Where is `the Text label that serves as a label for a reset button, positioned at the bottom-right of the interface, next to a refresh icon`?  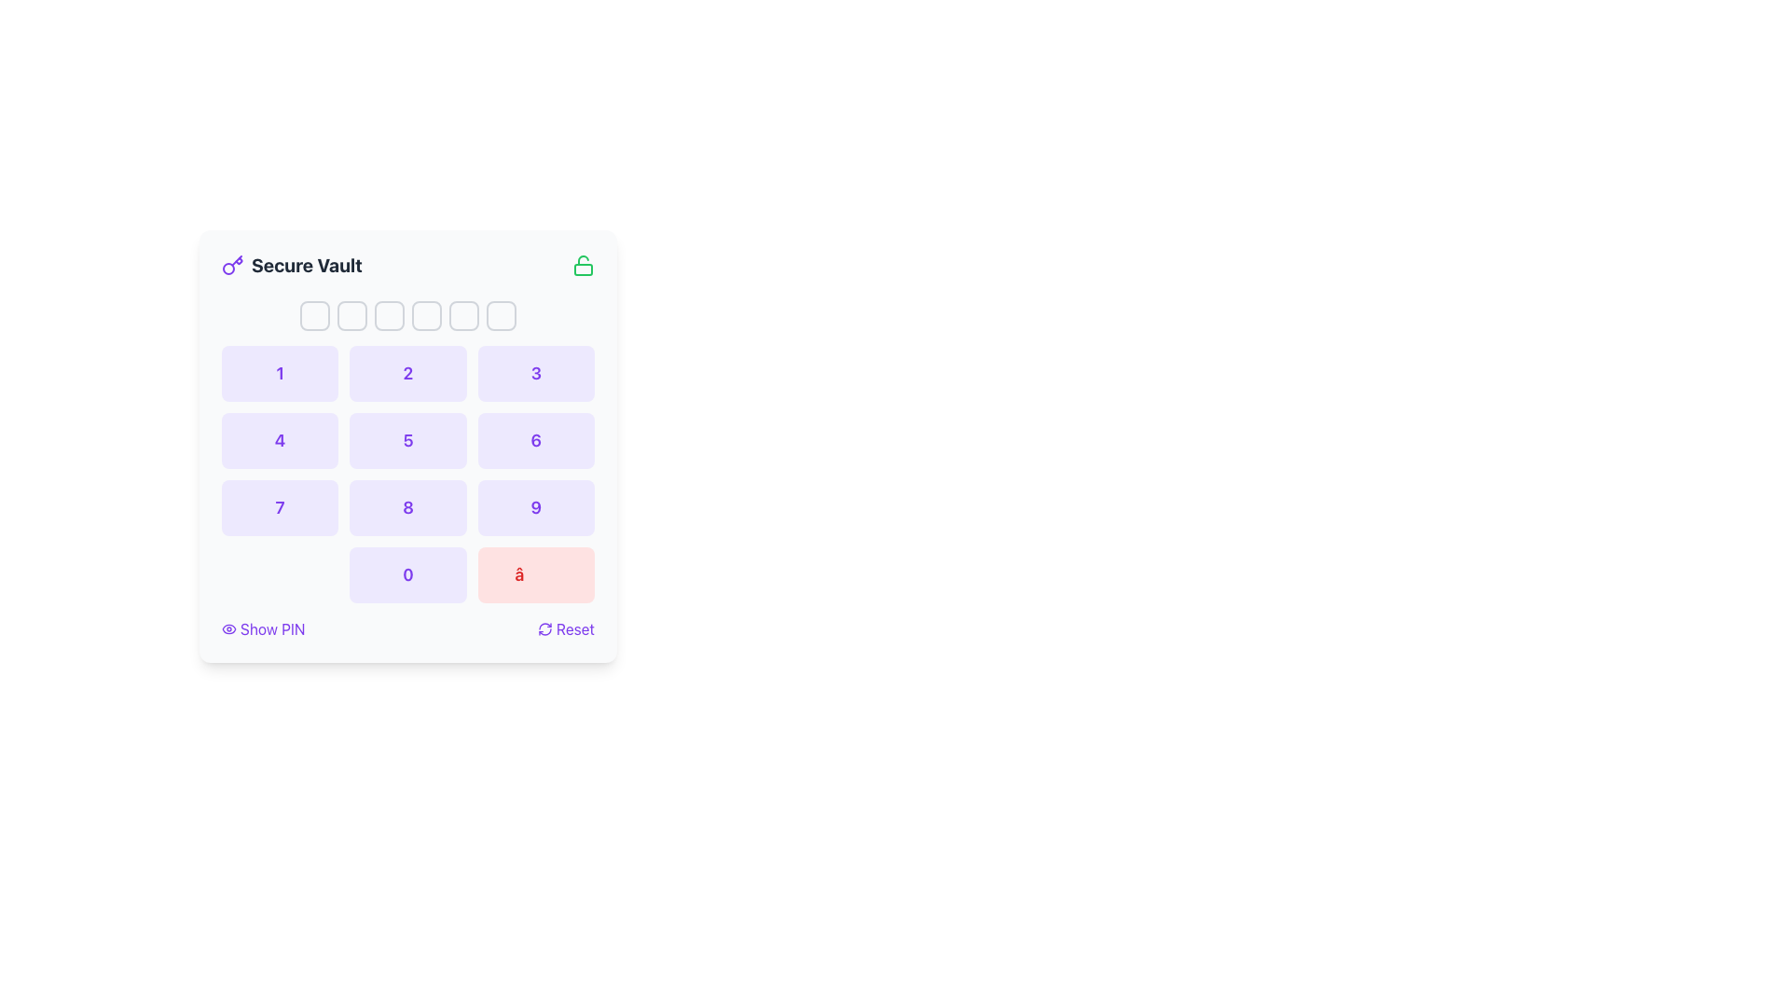 the Text label that serves as a label for a reset button, positioned at the bottom-right of the interface, next to a refresh icon is located at coordinates (574, 629).